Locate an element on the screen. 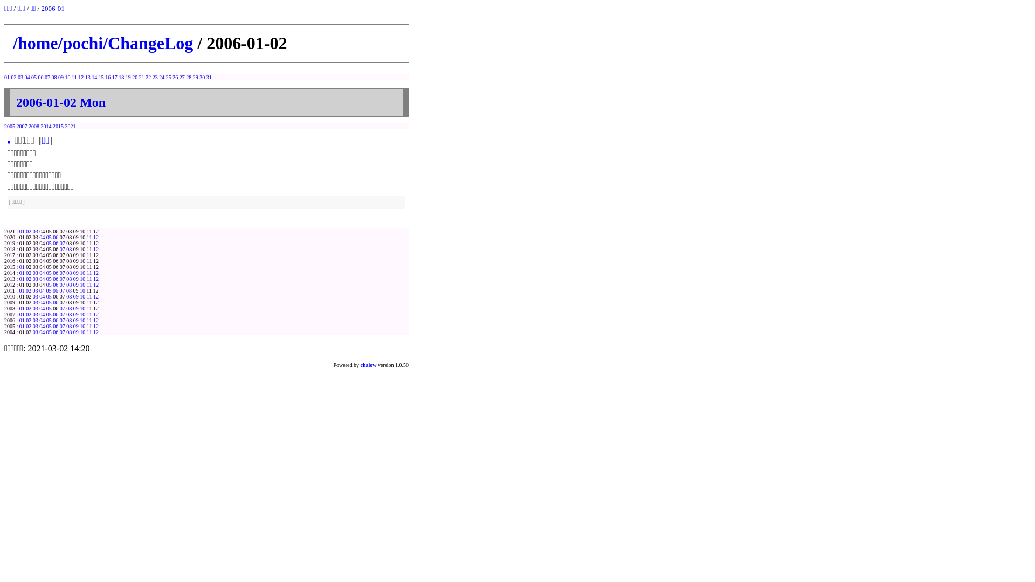 The height and width of the screenshot is (582, 1035). '2015' is located at coordinates (57, 126).